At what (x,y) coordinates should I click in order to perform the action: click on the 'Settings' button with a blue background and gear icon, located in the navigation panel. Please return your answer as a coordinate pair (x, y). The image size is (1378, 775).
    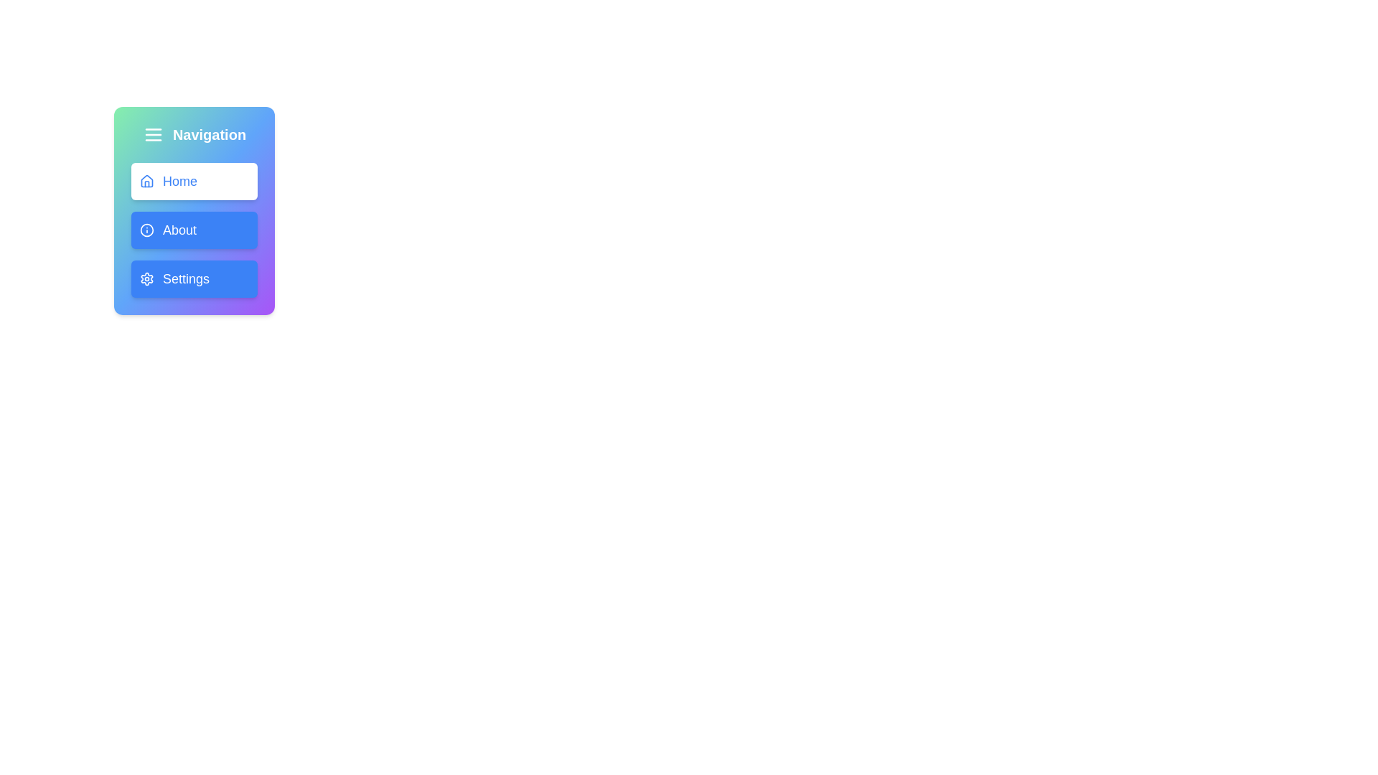
    Looking at the image, I should click on (193, 279).